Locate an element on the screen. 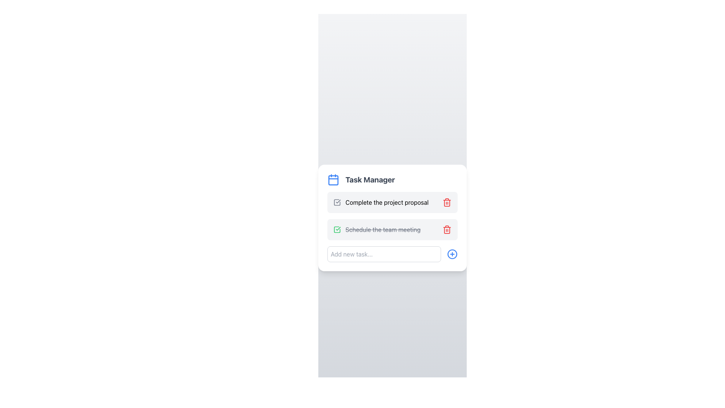 Image resolution: width=725 pixels, height=408 pixels. the task item displaying the title 'Schedule the team meeting' with a strikethrough styling is located at coordinates (377, 229).